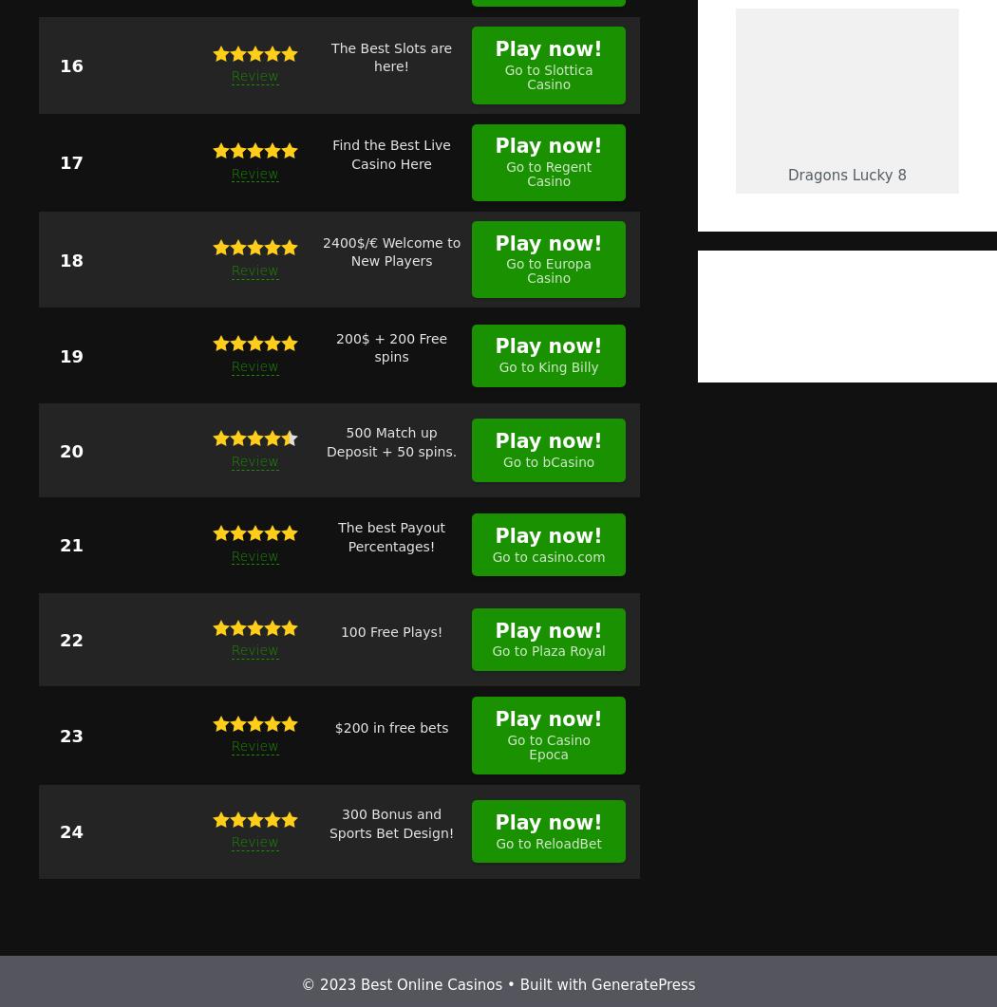  I want to click on 'Dragons lucky 8', so click(845, 175).